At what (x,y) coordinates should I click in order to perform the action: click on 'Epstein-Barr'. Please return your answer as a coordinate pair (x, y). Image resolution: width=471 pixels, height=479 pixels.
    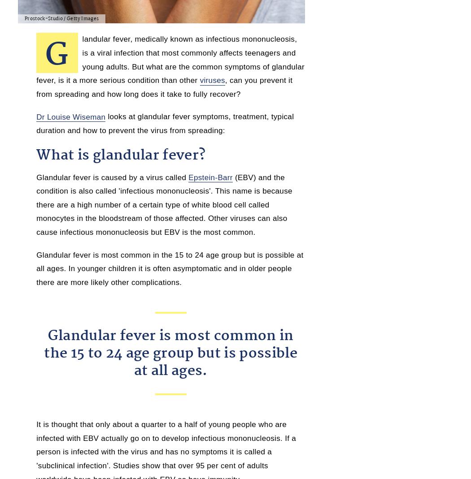
    Looking at the image, I should click on (188, 177).